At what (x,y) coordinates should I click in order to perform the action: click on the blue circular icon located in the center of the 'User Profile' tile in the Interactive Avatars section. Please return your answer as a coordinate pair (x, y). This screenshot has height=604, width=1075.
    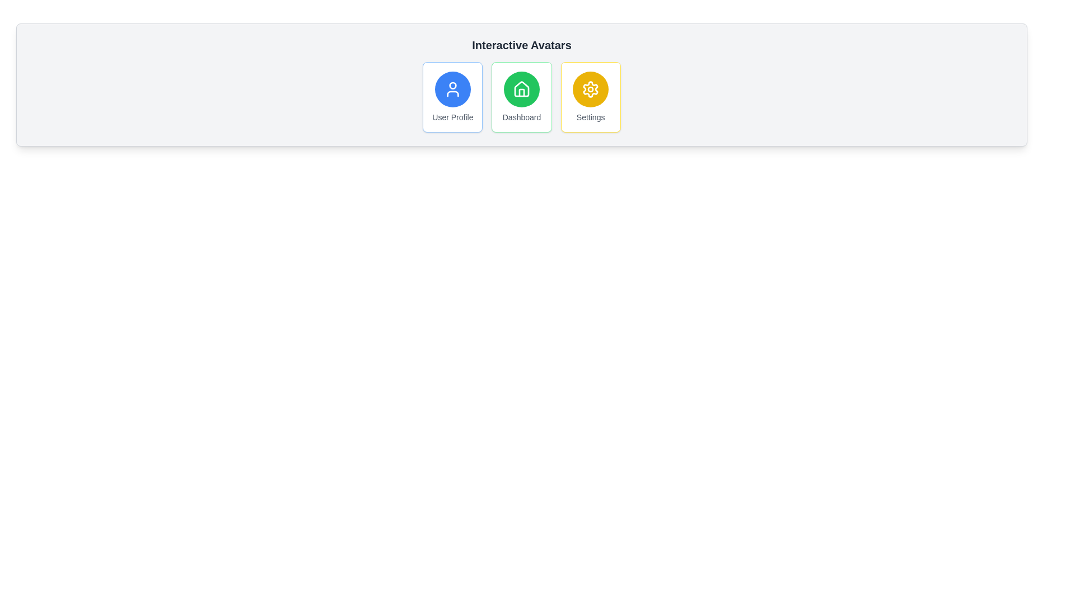
    Looking at the image, I should click on (452, 85).